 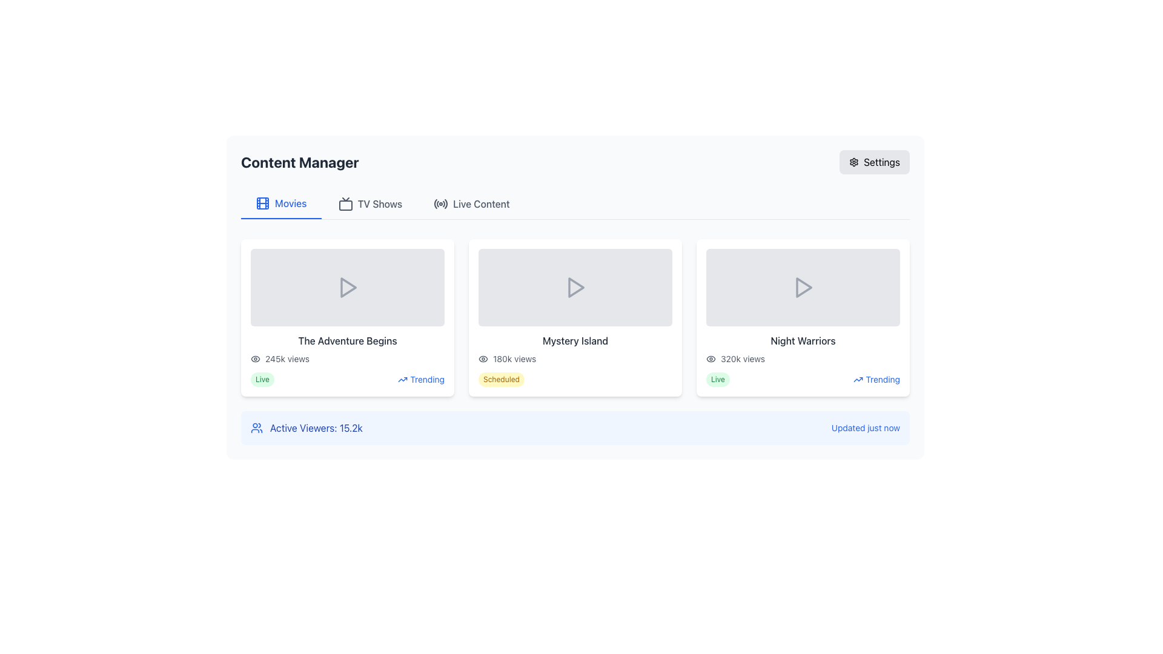 What do you see at coordinates (711, 358) in the screenshot?
I see `the eye icon component representing visibility or preview functionality, located near the top-right corner of the interface adjacent to the 'Settings' button` at bounding box center [711, 358].